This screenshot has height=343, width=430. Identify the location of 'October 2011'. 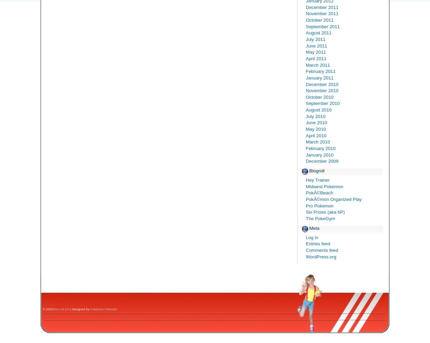
(320, 19).